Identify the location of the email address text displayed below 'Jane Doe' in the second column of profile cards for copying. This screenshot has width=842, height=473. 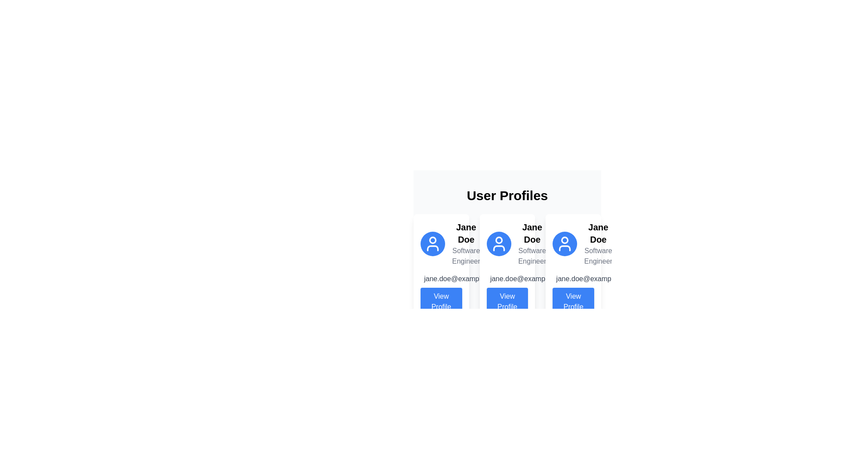
(528, 279).